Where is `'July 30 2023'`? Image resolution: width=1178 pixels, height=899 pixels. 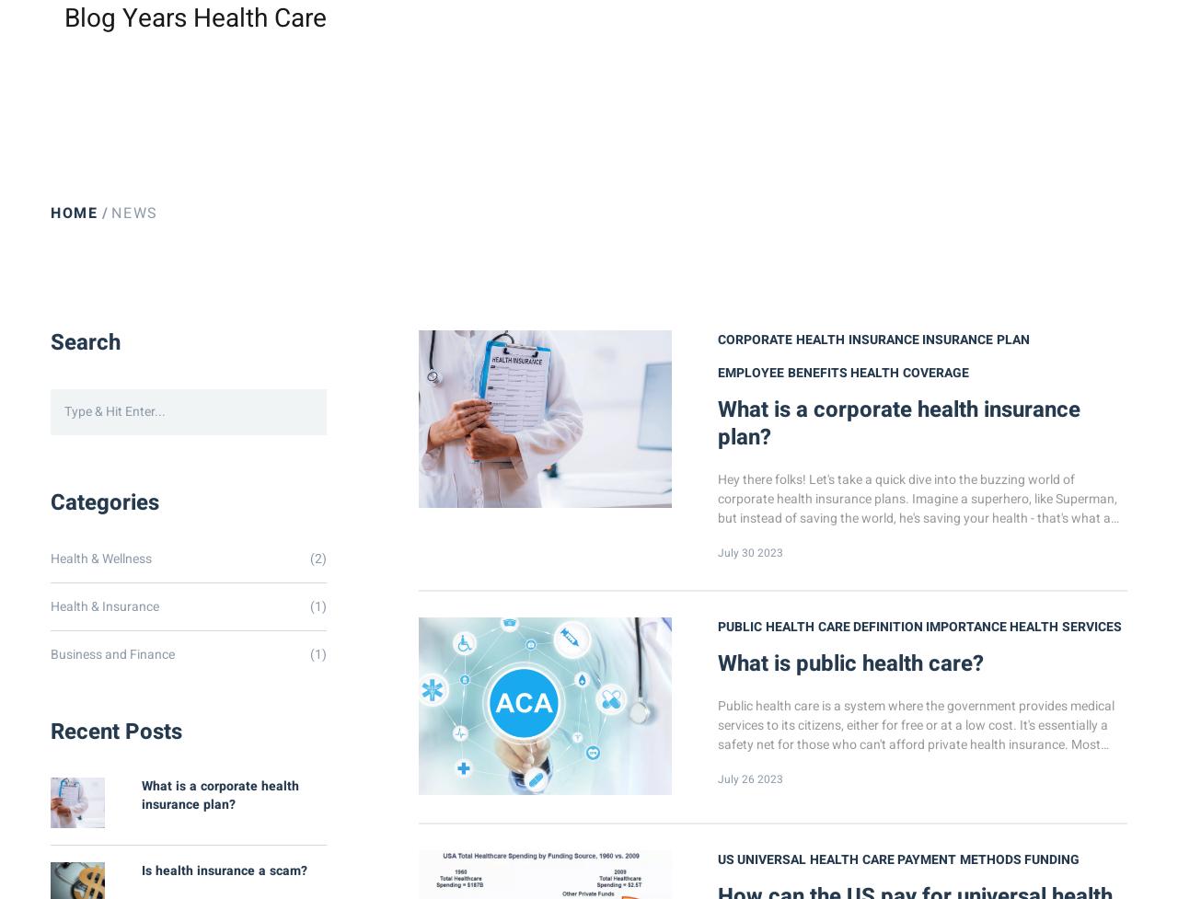 'July 30 2023' is located at coordinates (750, 551).